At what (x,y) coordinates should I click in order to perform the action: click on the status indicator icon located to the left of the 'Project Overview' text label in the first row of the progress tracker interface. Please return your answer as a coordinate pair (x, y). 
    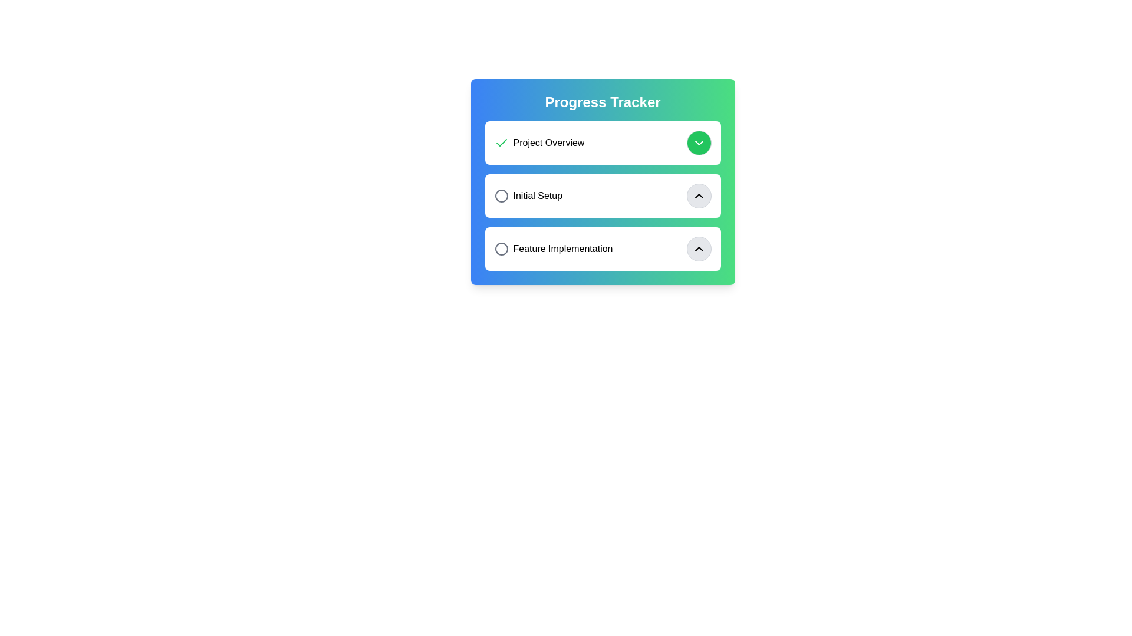
    Looking at the image, I should click on (501, 143).